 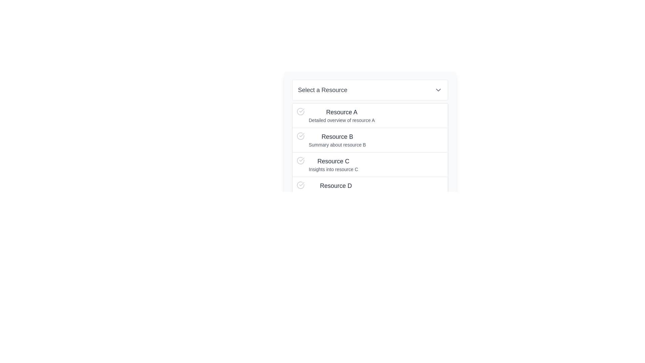 I want to click on text label 'Resource C' which is the third option in the dropdown menu under 'Select a Resource', so click(x=333, y=161).